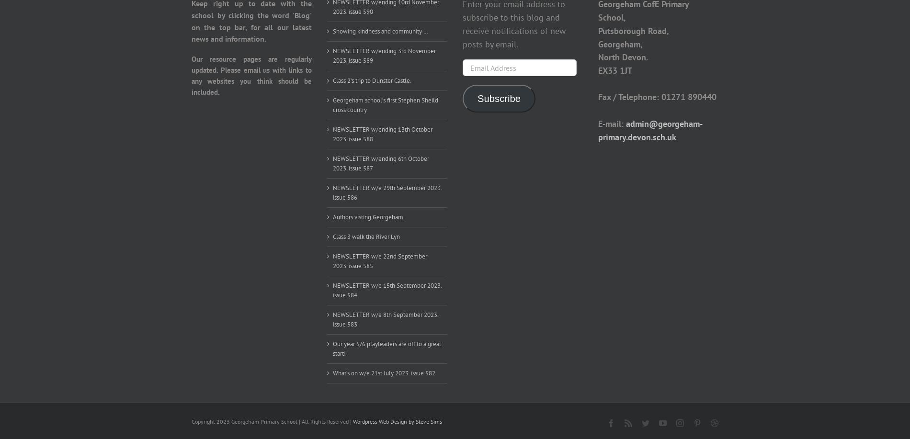  I want to click on 'Georgeham school’s first Stephen Sheild cross country', so click(385, 104).